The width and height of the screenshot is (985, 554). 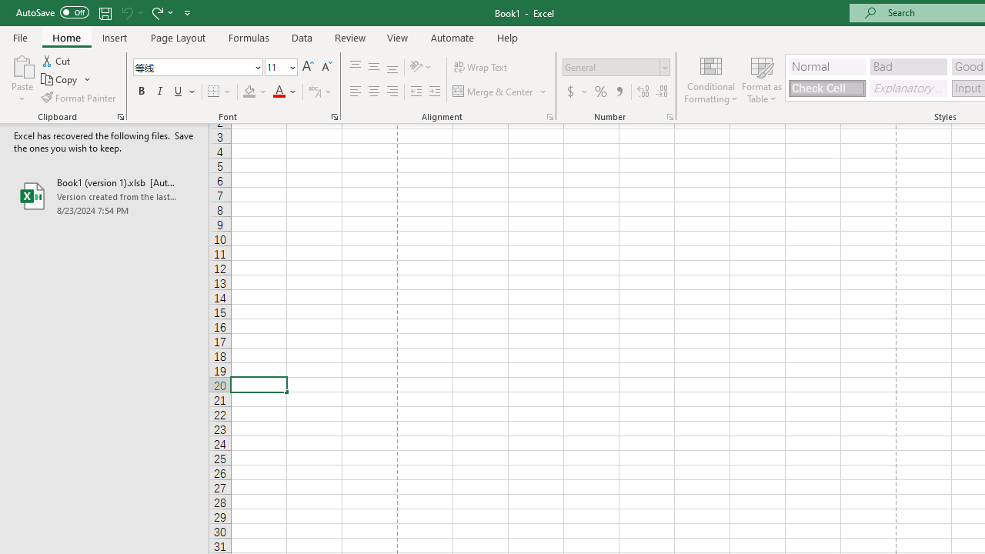 I want to click on 'View', so click(x=398, y=37).